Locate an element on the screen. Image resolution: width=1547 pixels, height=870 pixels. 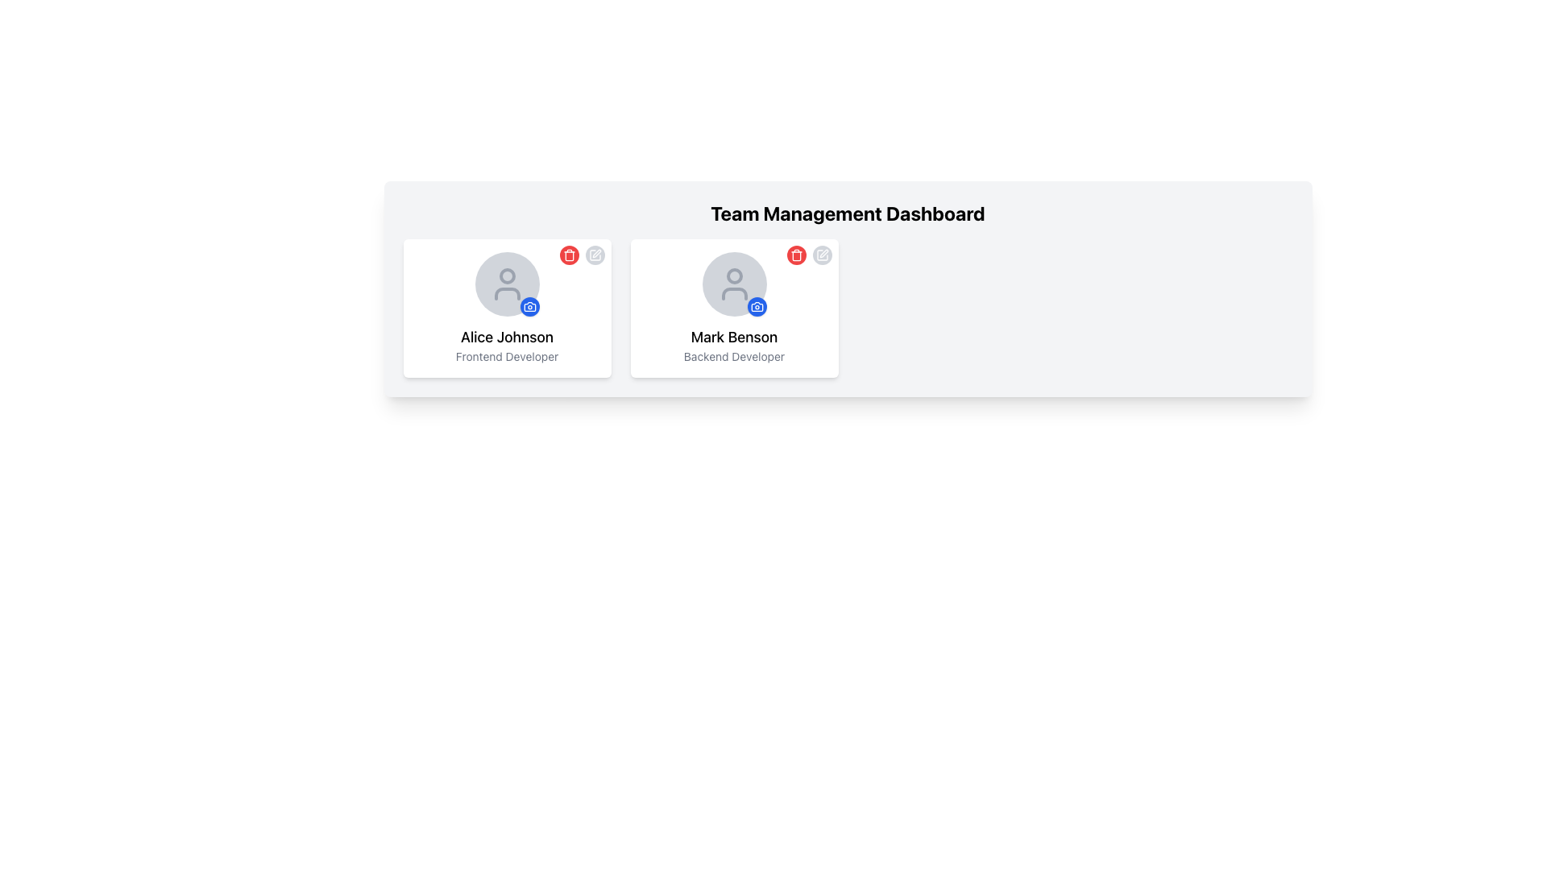
the small circular edit button with a pencil icon located at the top-right corner of Mark Benson's card is located at coordinates (822, 254).